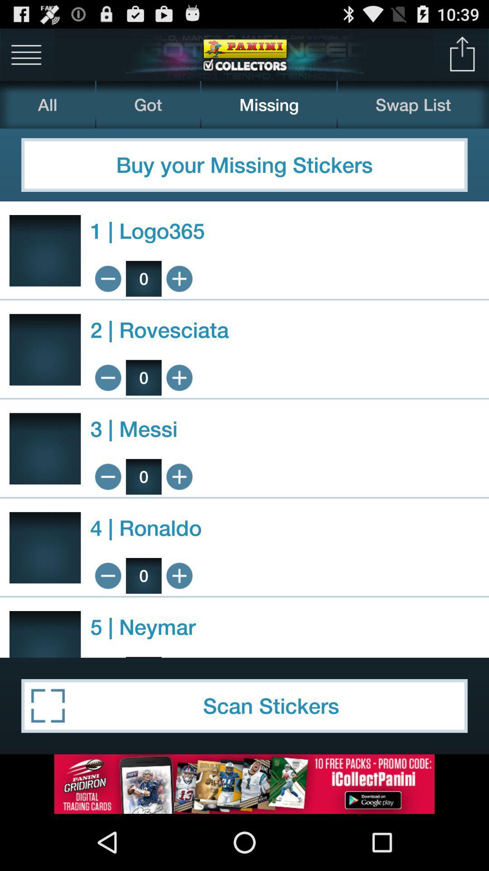 This screenshot has height=871, width=489. I want to click on upload file, so click(462, 54).